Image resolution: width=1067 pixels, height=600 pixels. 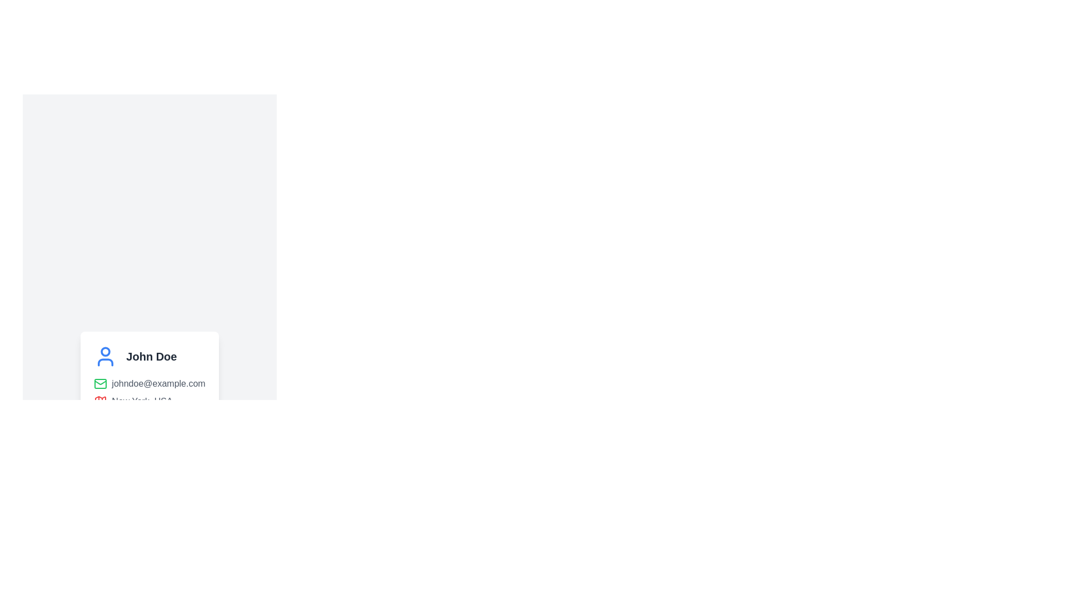 What do you see at coordinates (149, 393) in the screenshot?
I see `the user profile card displaying 'John Doe', which contains a blue user icon, an email address, and a location in New York, USA` at bounding box center [149, 393].